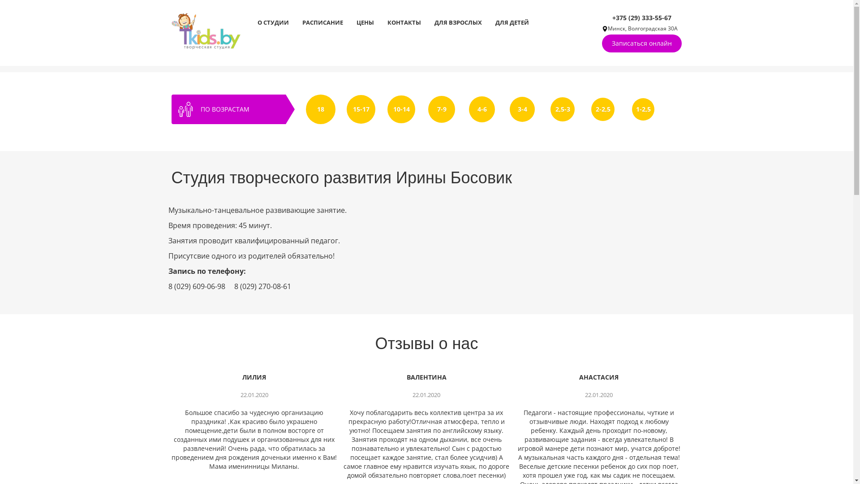 This screenshot has width=860, height=484. Describe the element at coordinates (387, 108) in the screenshot. I see `'10-14'` at that location.